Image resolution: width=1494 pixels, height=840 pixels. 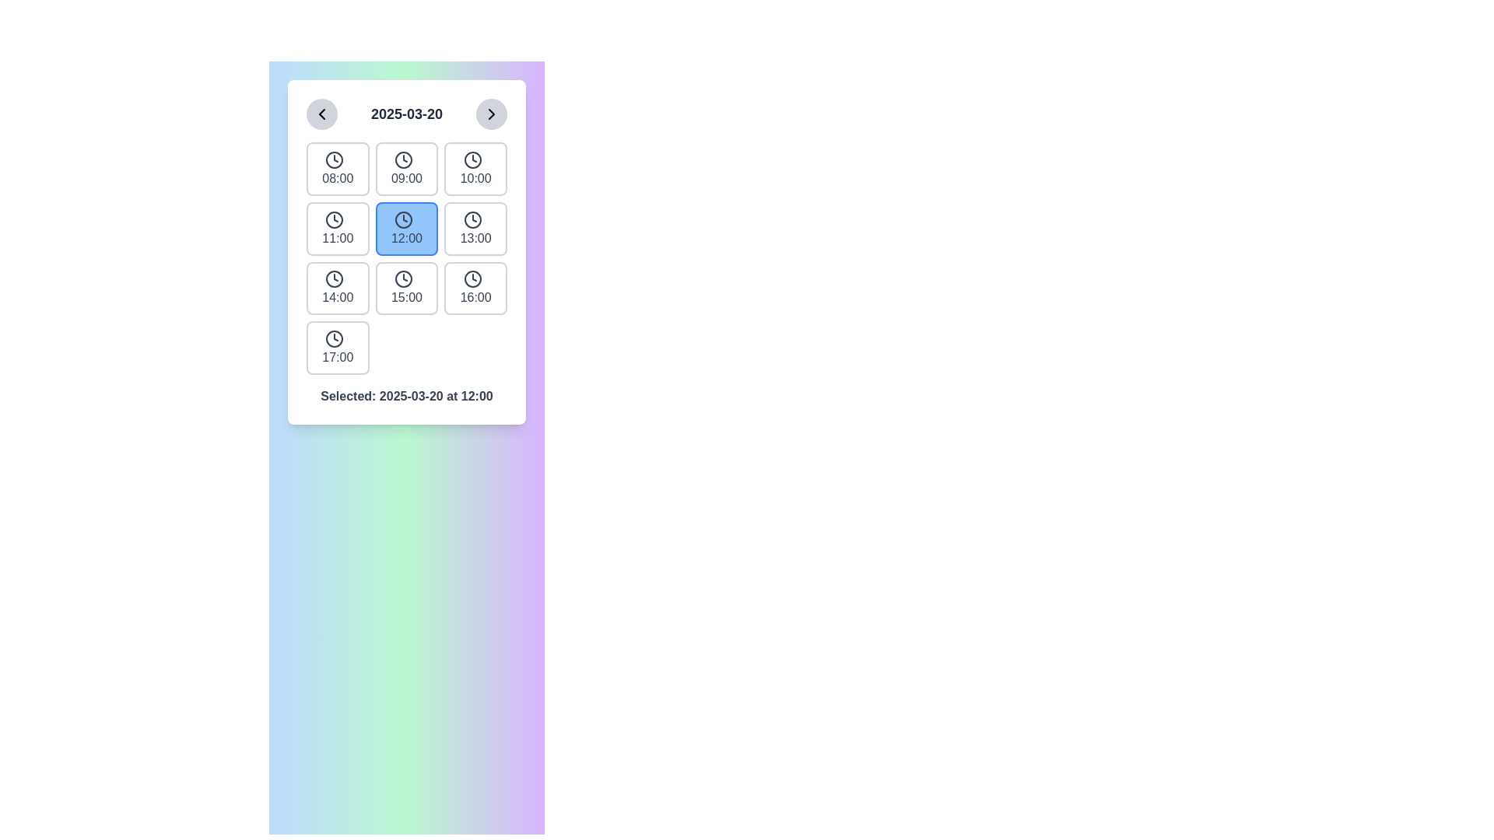 I want to click on the button located at the top left of the navigation bar that allows navigation to the previous date or time period, so click(x=321, y=113).